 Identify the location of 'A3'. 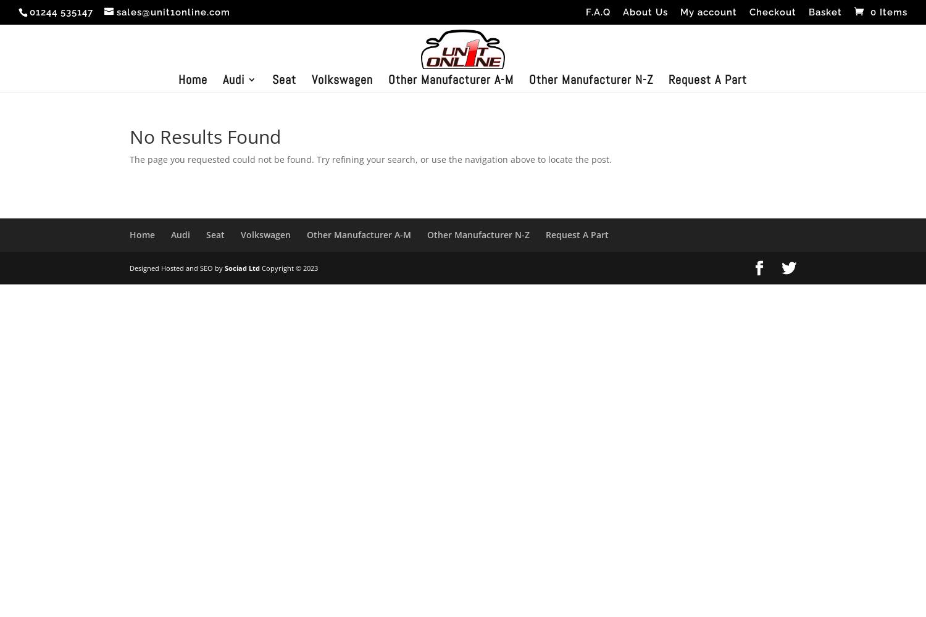
(253, 118).